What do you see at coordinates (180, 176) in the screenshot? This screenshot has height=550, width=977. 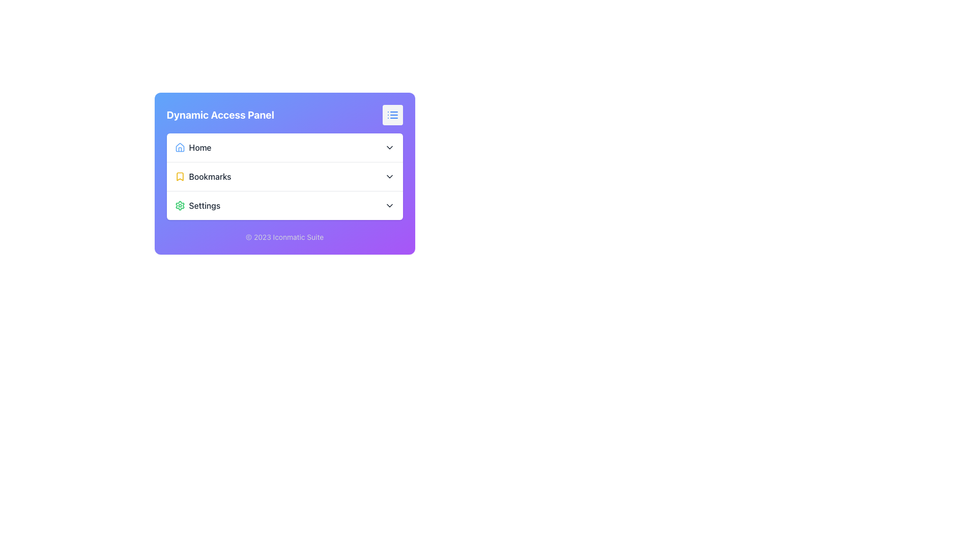 I see `the 'Bookmarks' SVG Icon` at bounding box center [180, 176].